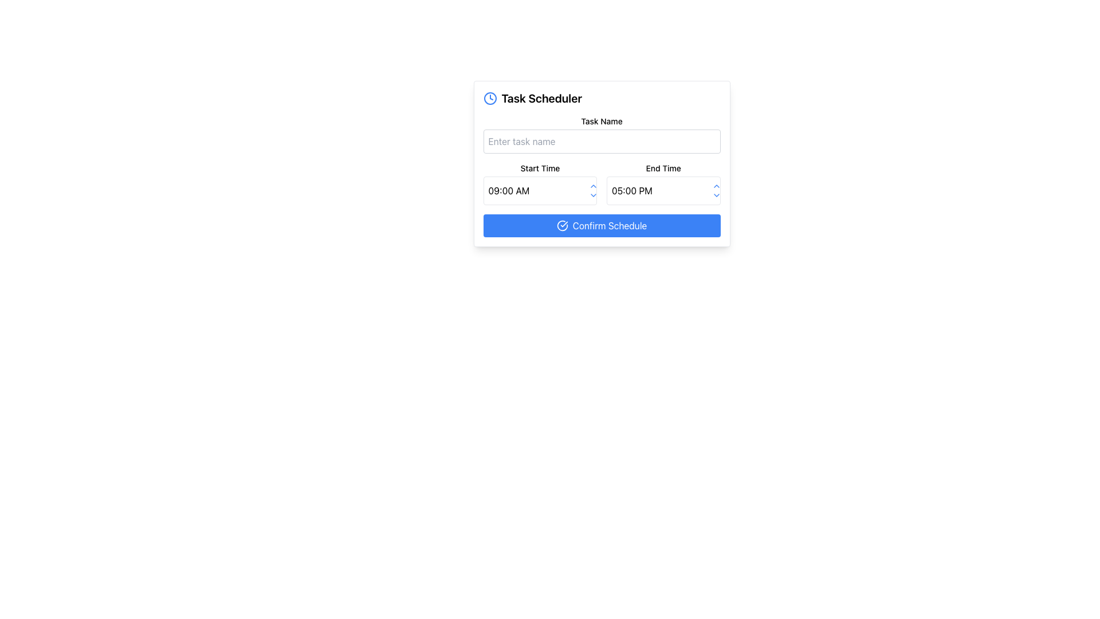  I want to click on the Dropdown Trigger Icon located in the bottom-right corner of the card interface, so click(716, 194).